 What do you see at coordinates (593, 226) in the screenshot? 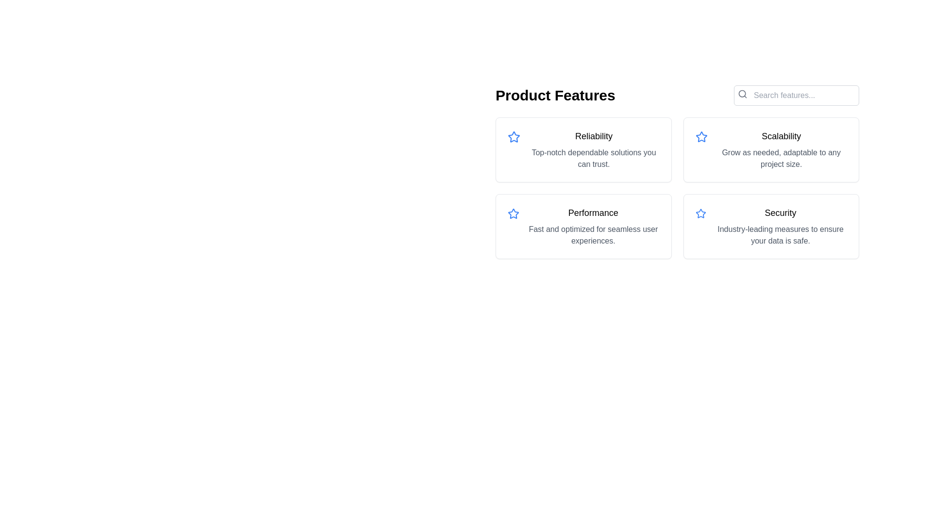
I see `the Informational Text Block with the bold headline 'Performance'` at bounding box center [593, 226].